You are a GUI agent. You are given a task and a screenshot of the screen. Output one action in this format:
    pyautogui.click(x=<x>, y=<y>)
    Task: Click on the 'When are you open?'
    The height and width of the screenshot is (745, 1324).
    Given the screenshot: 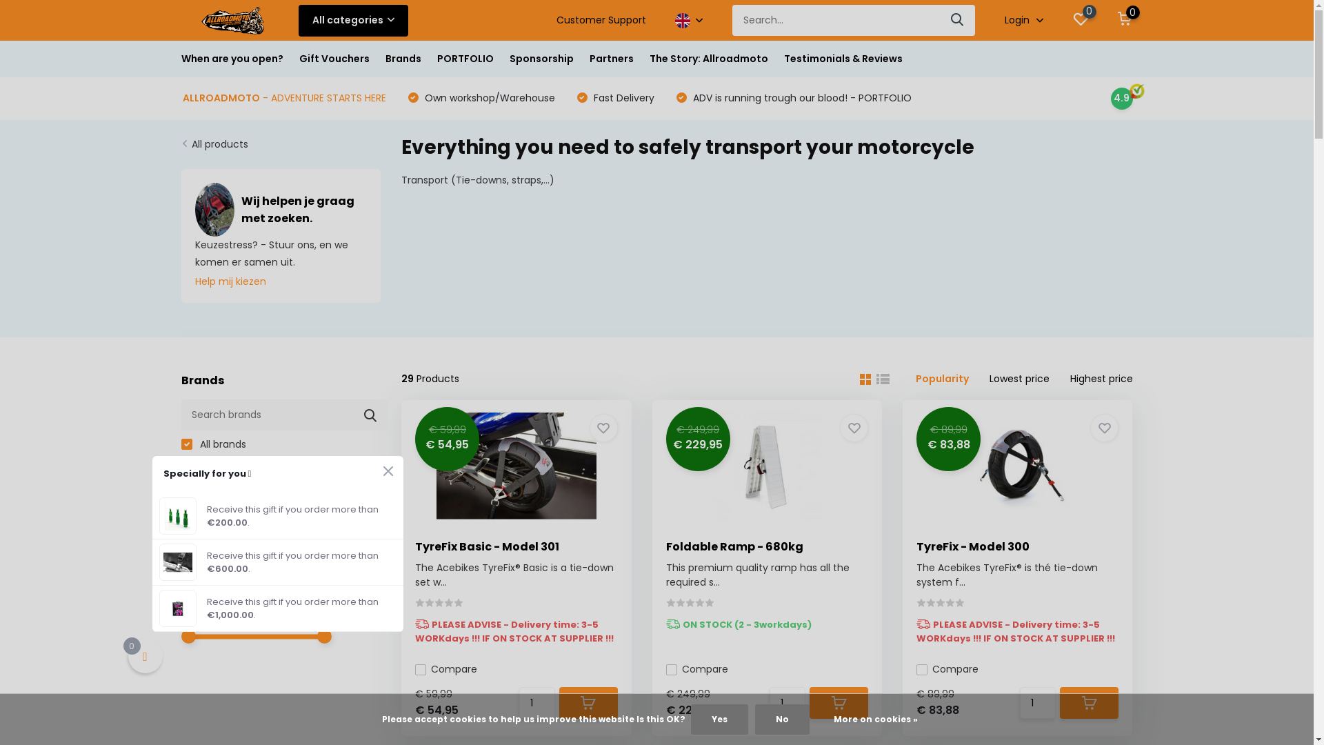 What is the action you would take?
    pyautogui.click(x=232, y=58)
    